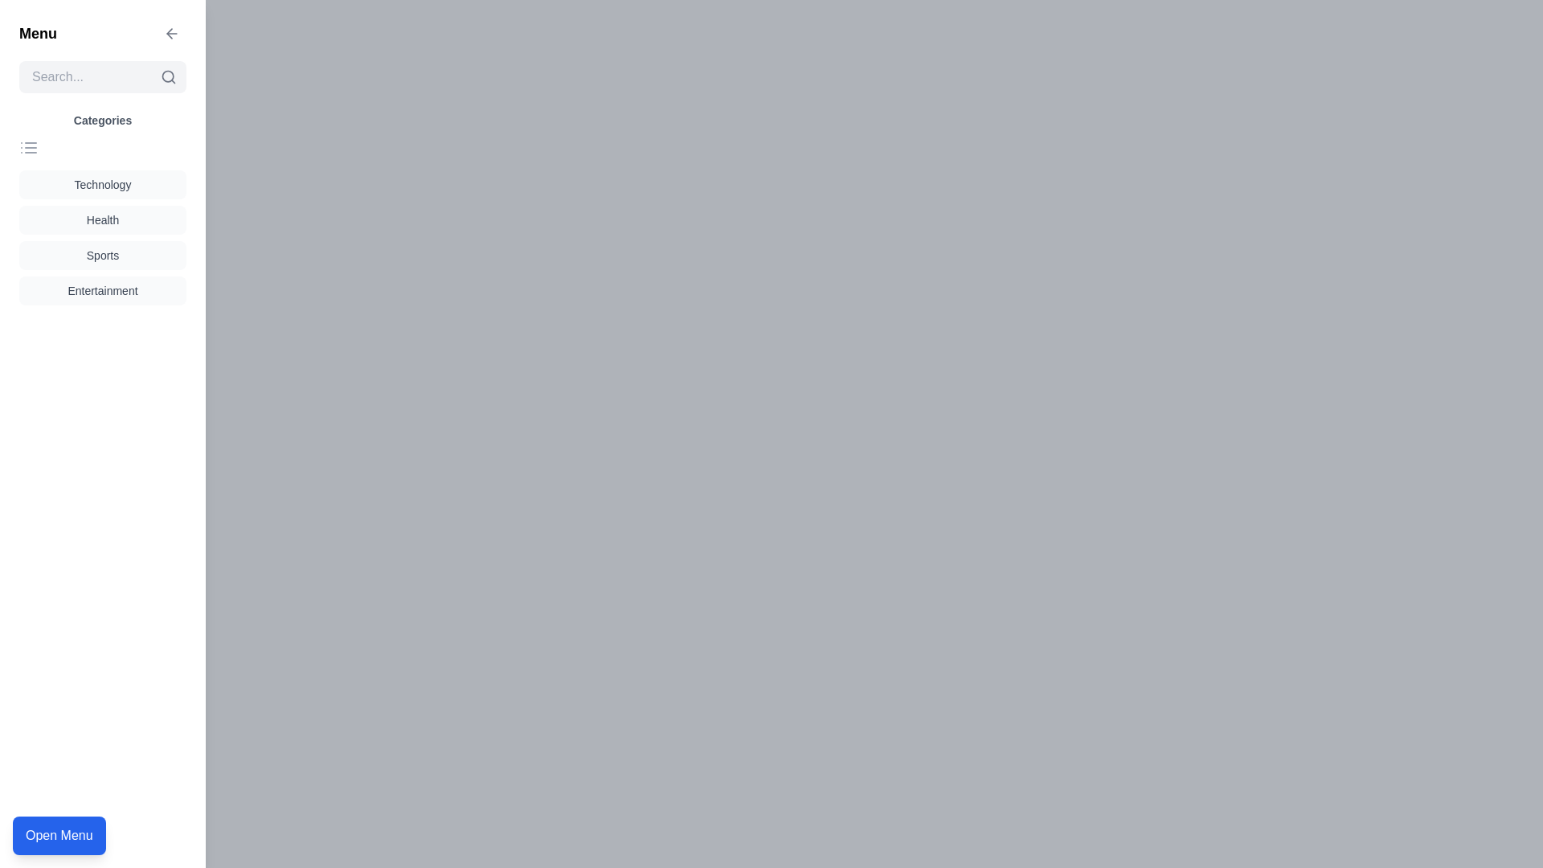 This screenshot has height=868, width=1543. Describe the element at coordinates (102, 207) in the screenshot. I see `the 'Categories' navigation menu located in the left sidebar, just below the search bar` at that location.